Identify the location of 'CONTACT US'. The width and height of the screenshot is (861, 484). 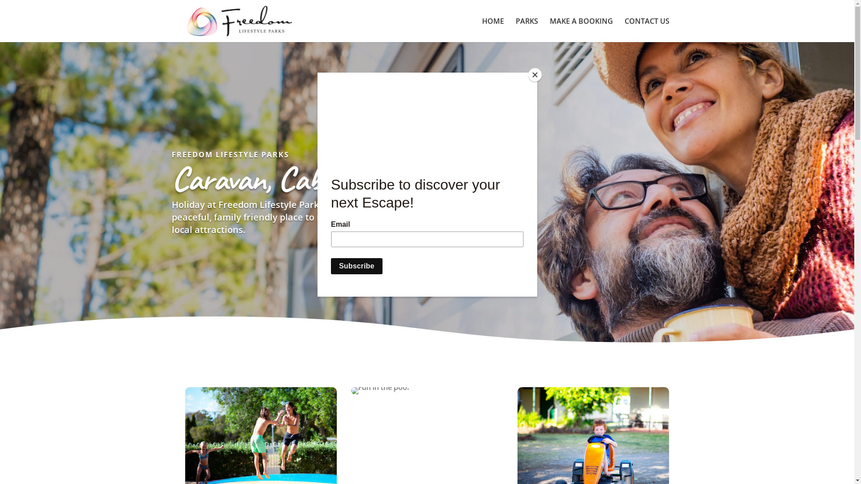
(646, 29).